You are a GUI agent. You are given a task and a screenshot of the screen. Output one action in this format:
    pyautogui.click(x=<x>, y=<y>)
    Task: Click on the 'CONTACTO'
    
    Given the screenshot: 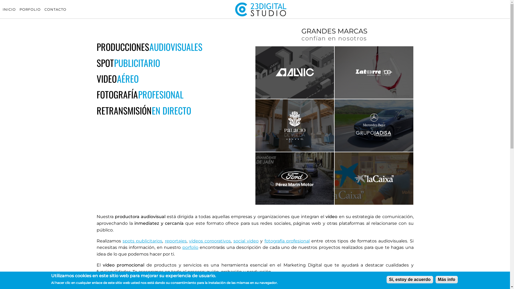 What is the action you would take?
    pyautogui.click(x=55, y=9)
    